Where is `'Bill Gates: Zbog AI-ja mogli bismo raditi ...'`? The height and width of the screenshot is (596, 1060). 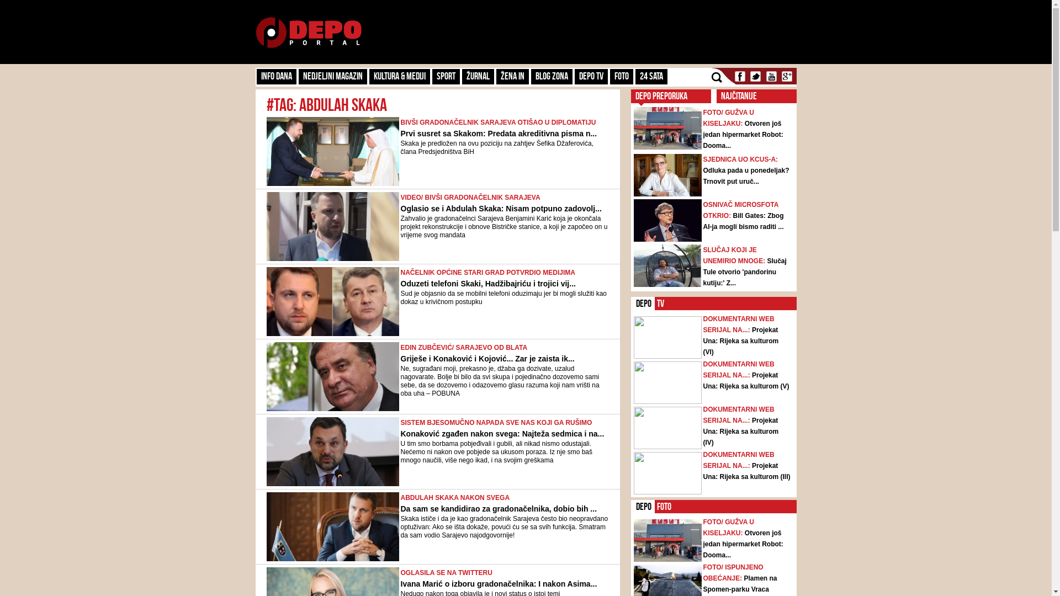
'Bill Gates: Zbog AI-ja mogli bismo raditi ...' is located at coordinates (744, 221).